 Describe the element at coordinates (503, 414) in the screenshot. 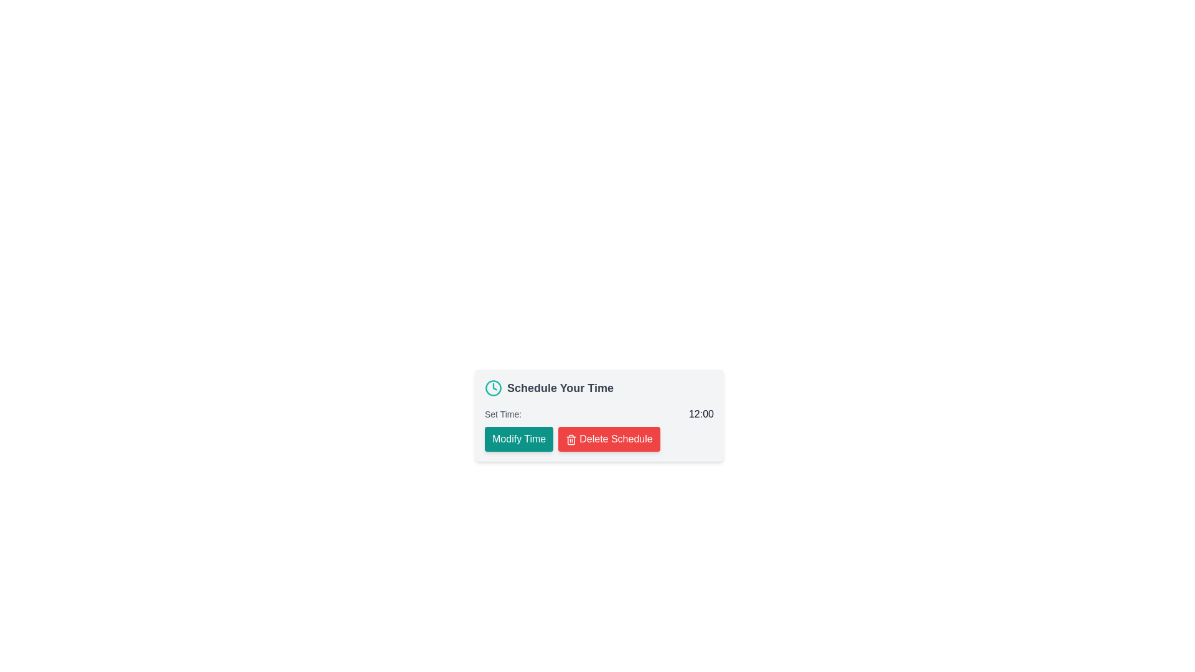

I see `the static text label 'Set Time:' which is styled in gray and located to the left of the displayed time value '12:00' in the 'Schedule Your Time' module` at that location.